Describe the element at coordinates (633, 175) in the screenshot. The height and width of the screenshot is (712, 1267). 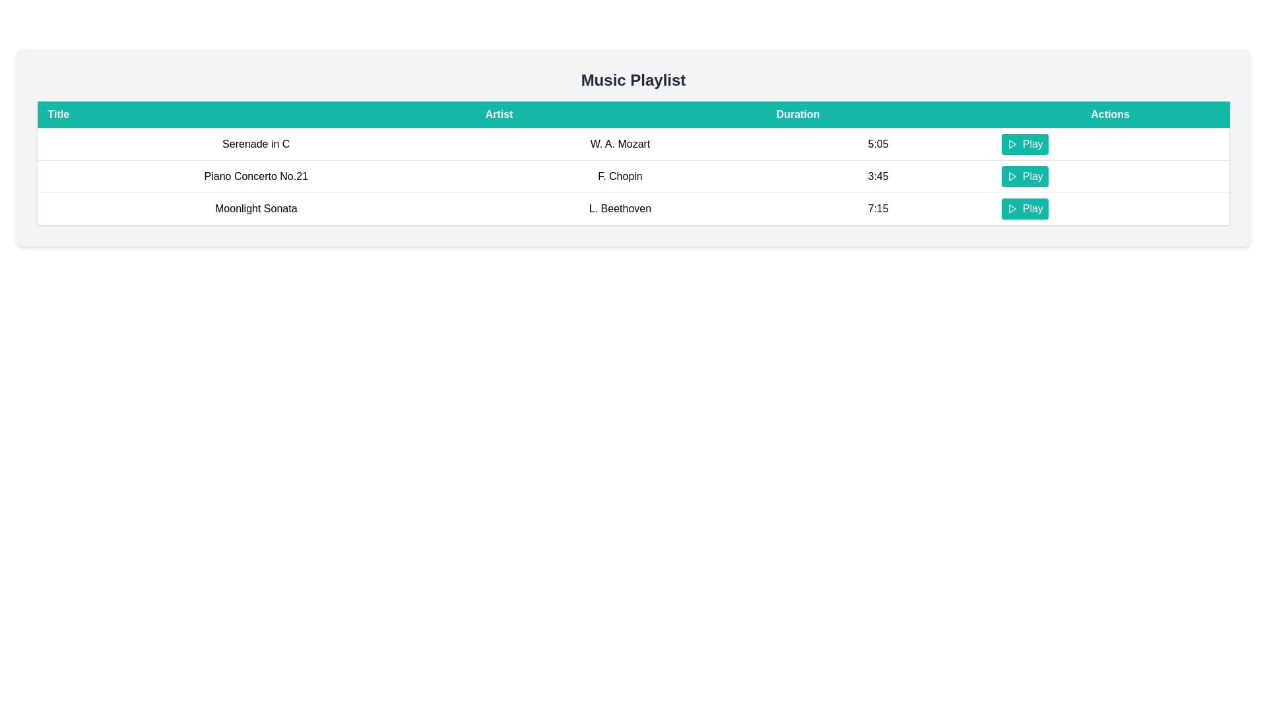
I see `the second row in the playlist table displaying 'Piano Concerto No.21' by 'F. Chopin' for further actions` at that location.